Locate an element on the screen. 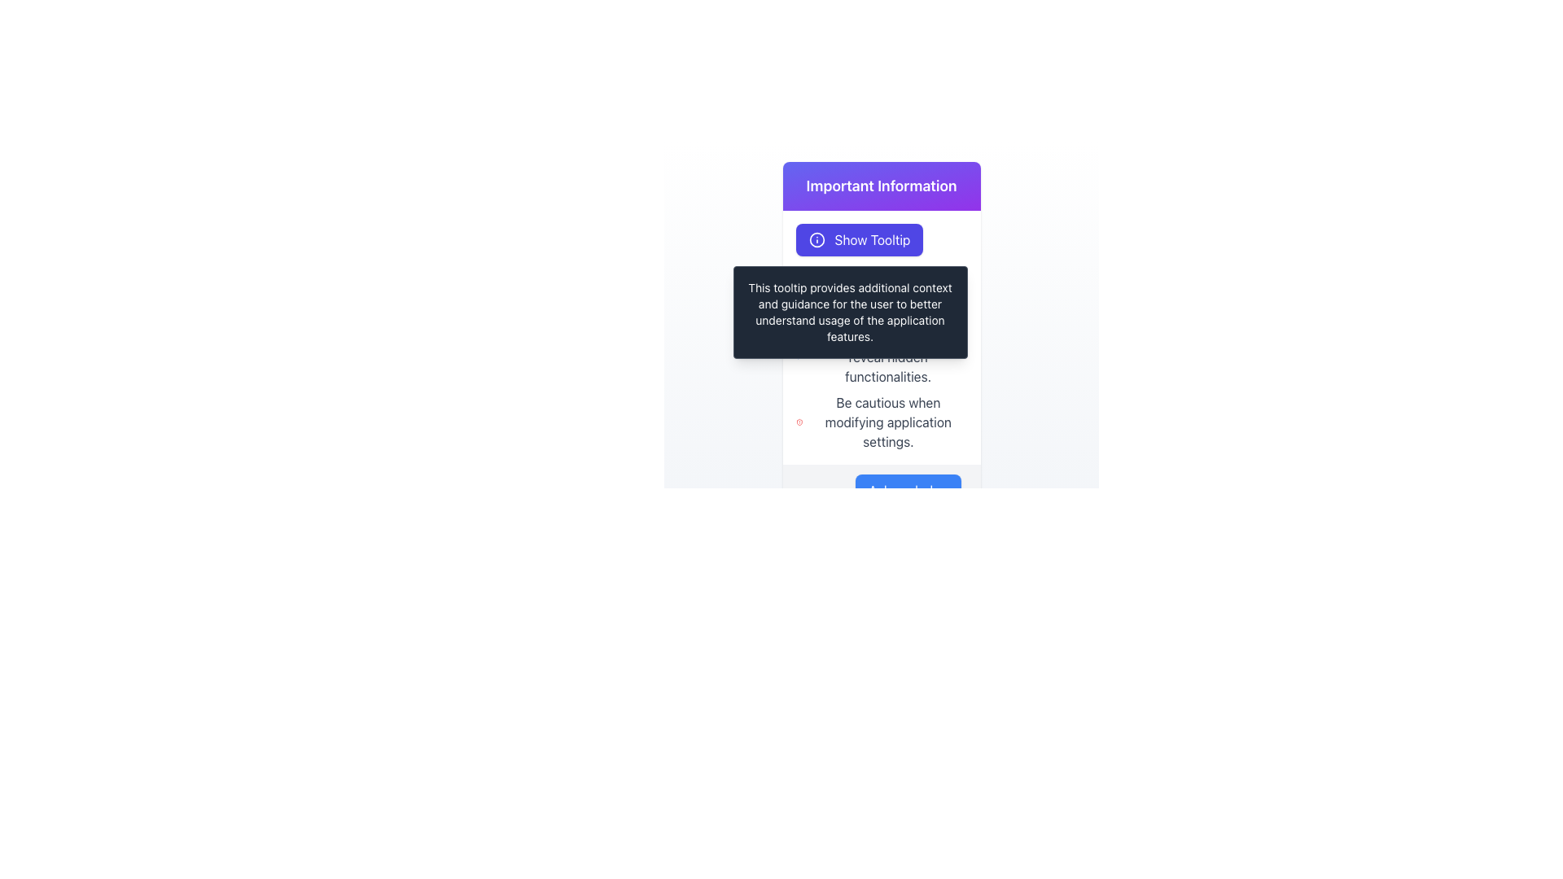  the informational text that reads 'Be cautious when modifying application settings.' which is accompanied by a red warning icon, located at the bottom of the notification box is located at coordinates (881, 422).